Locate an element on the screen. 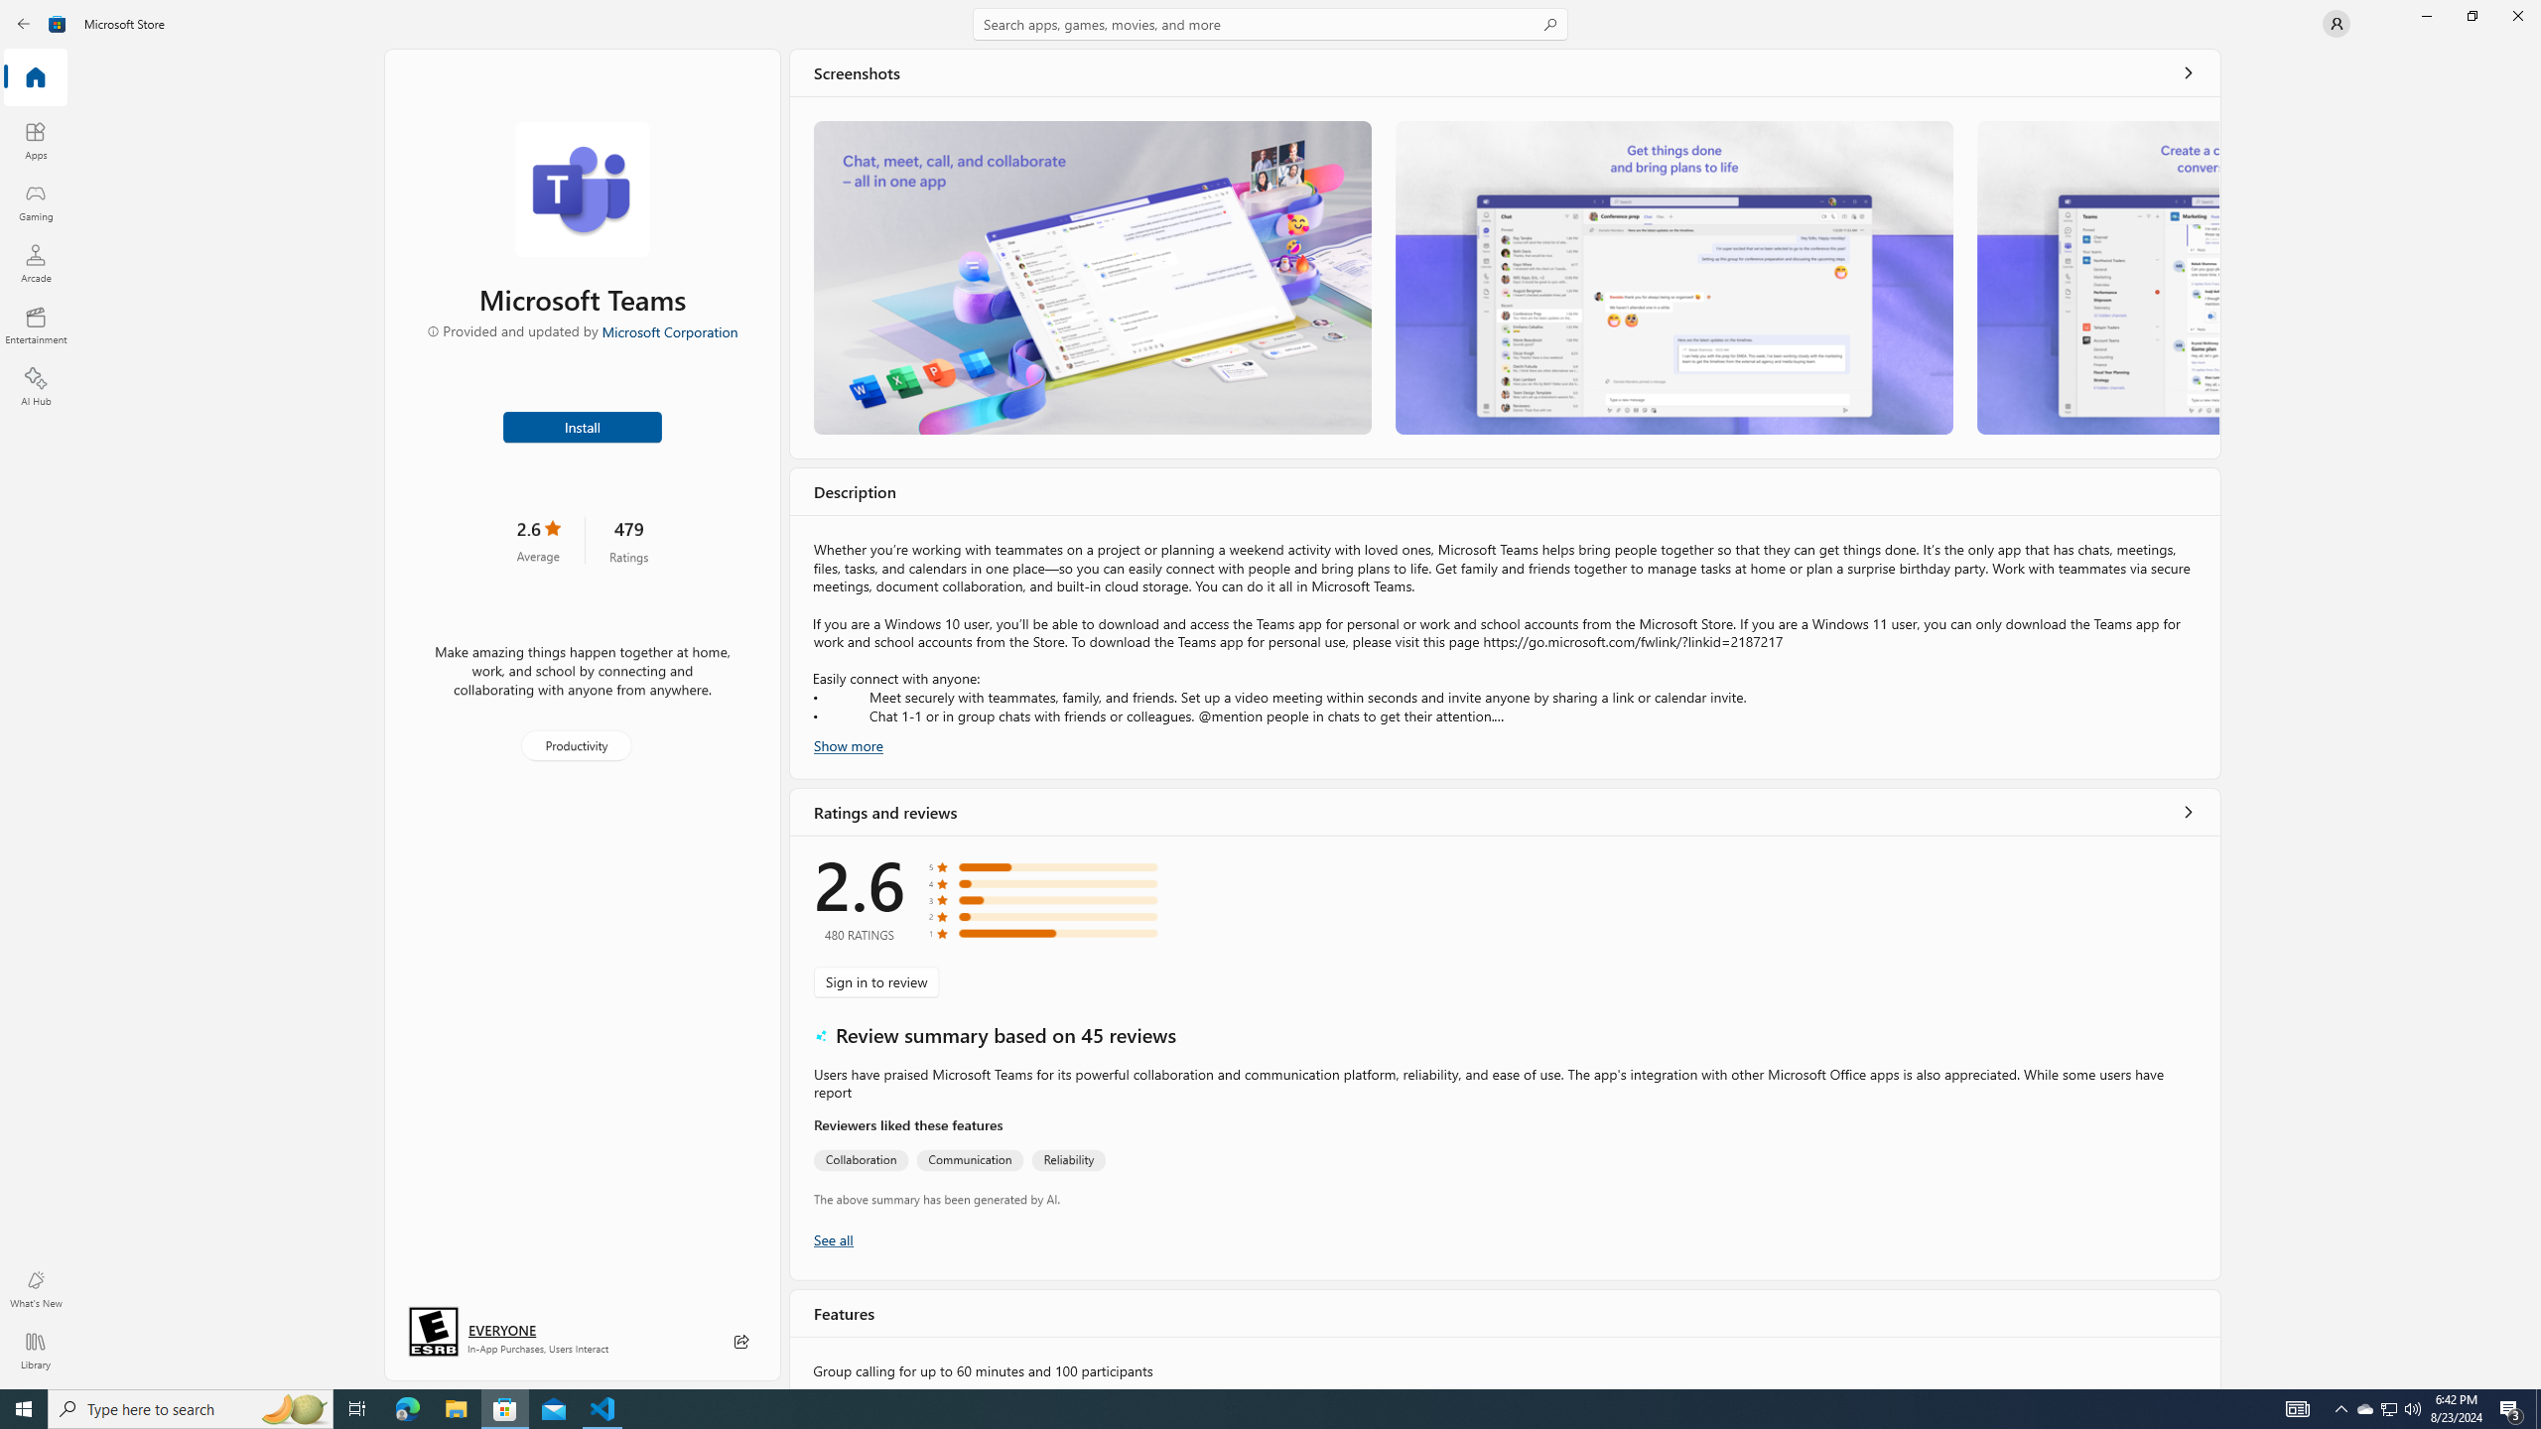 This screenshot has height=1429, width=2541. 'Productivity' is located at coordinates (574, 744).